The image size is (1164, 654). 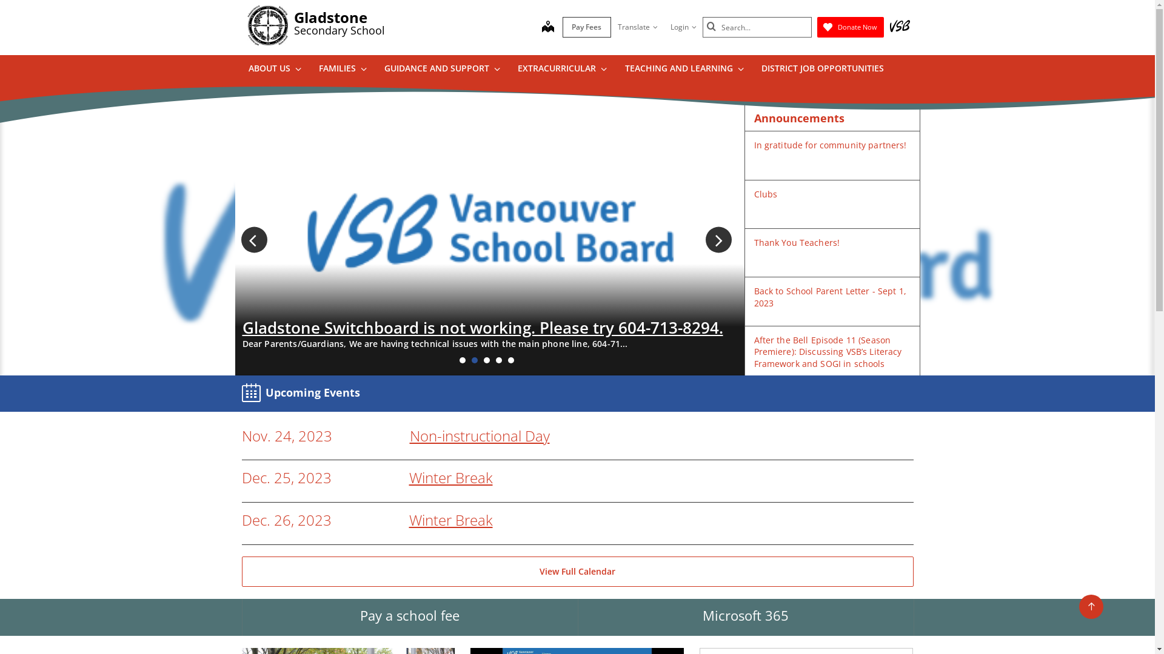 I want to click on 'Thank You Teachers!', so click(x=797, y=242).